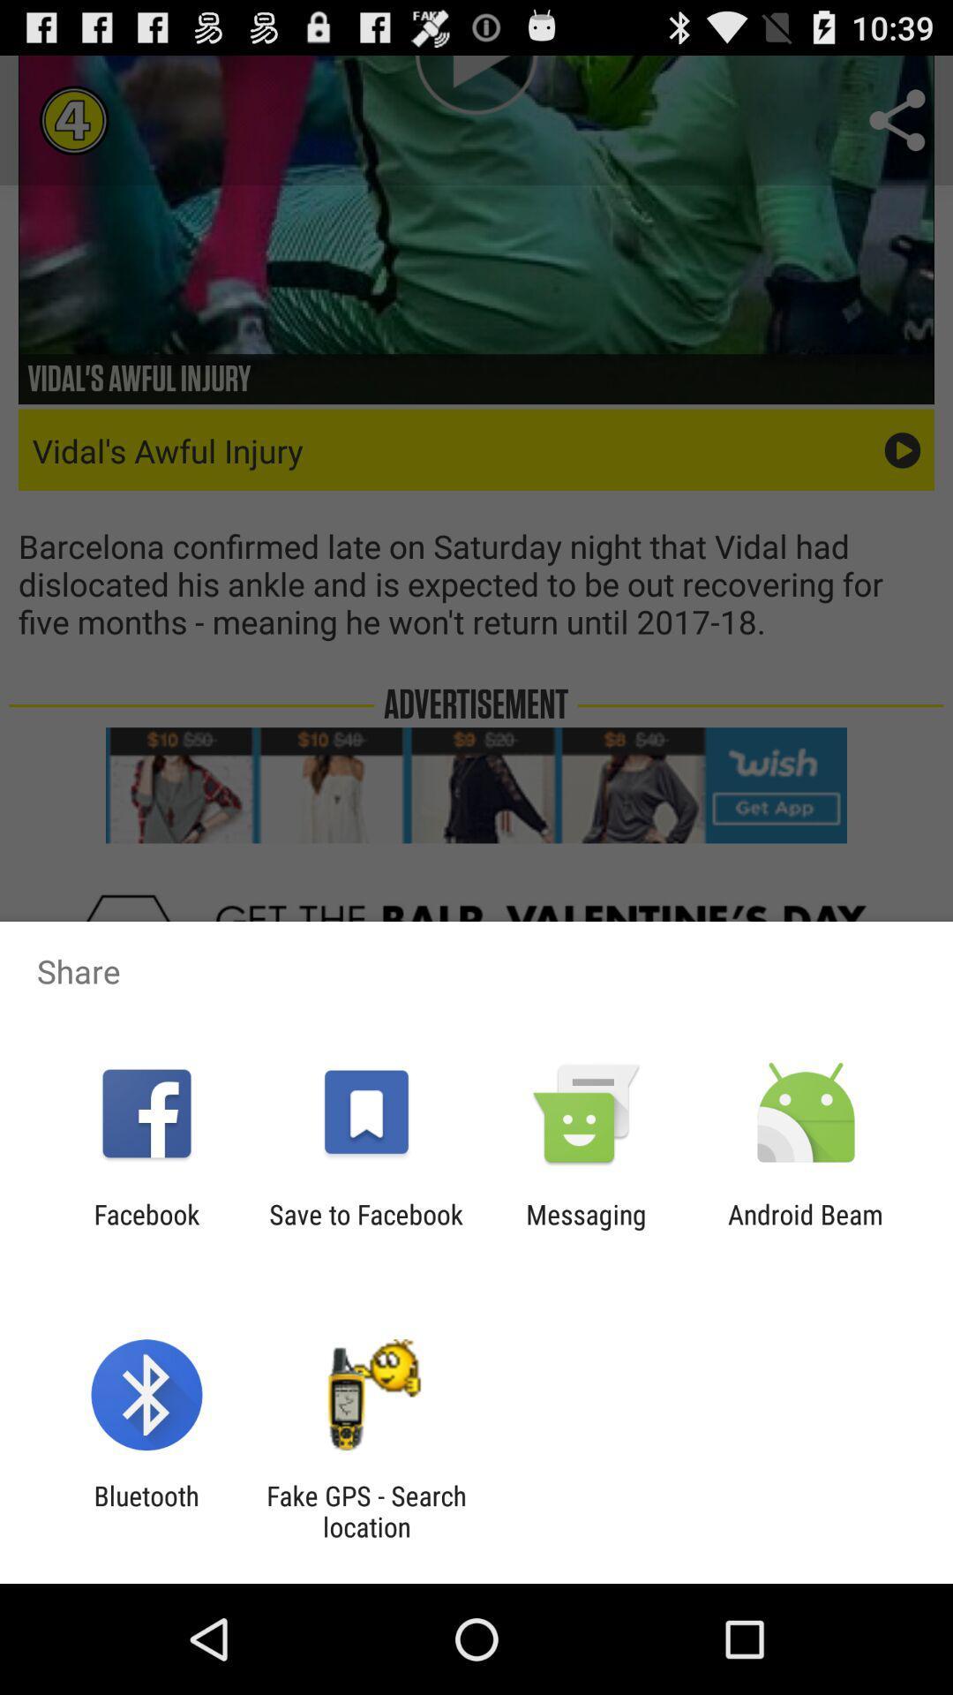  What do you see at coordinates (146, 1510) in the screenshot?
I see `app to the left of the fake gps search item` at bounding box center [146, 1510].